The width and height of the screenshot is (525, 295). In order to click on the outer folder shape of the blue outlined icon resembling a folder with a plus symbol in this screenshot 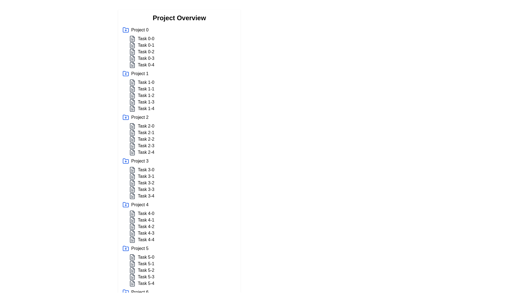, I will do `click(126, 117)`.